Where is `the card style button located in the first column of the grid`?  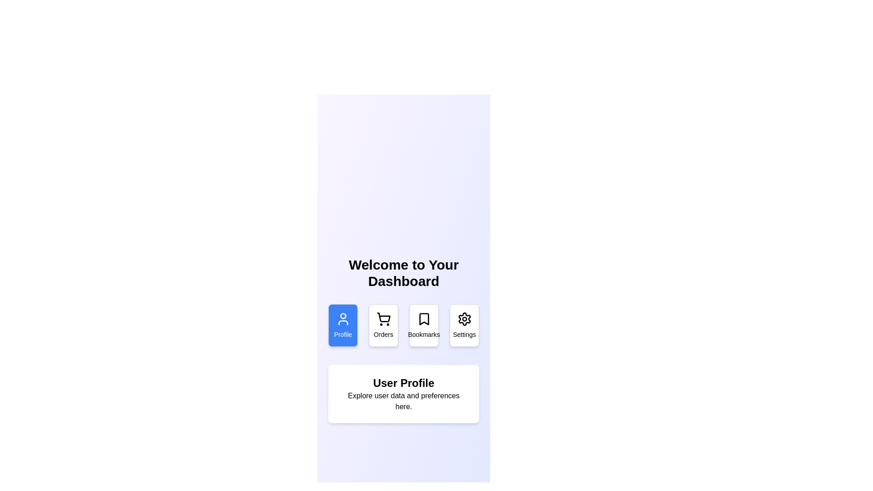
the card style button located in the first column of the grid is located at coordinates (342, 325).